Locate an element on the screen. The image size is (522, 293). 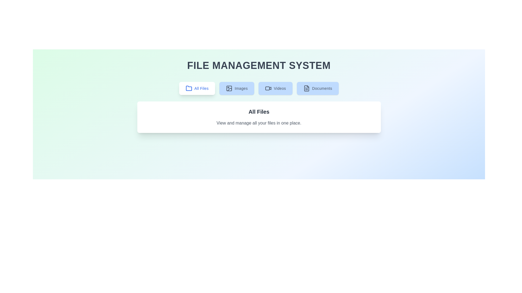
the button corresponding to the file category Videos is located at coordinates (275, 88).